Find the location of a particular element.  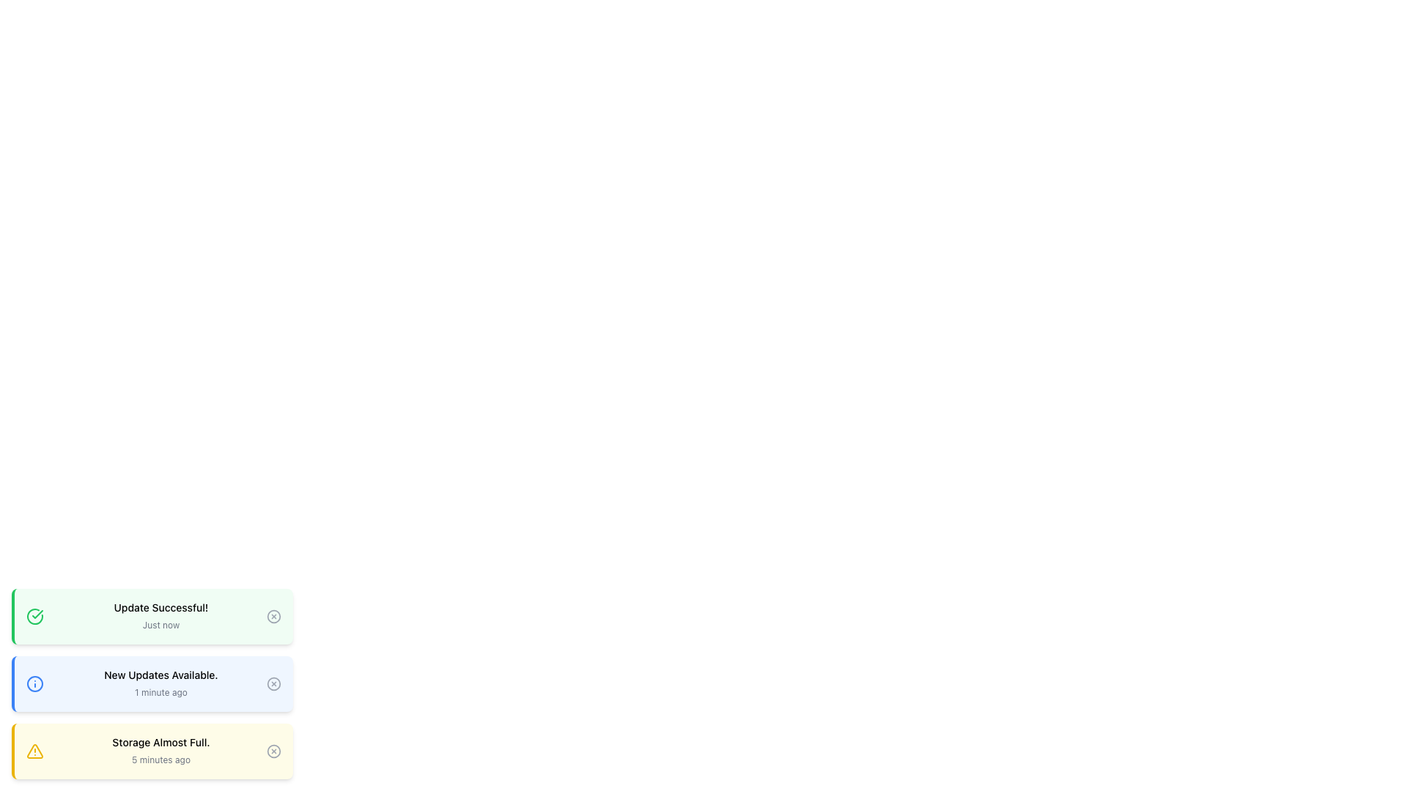

the text element displaying 'New Updates Available.' and '1 minute ago' within the second notification card, which is styled with a blue background is located at coordinates (161, 683).